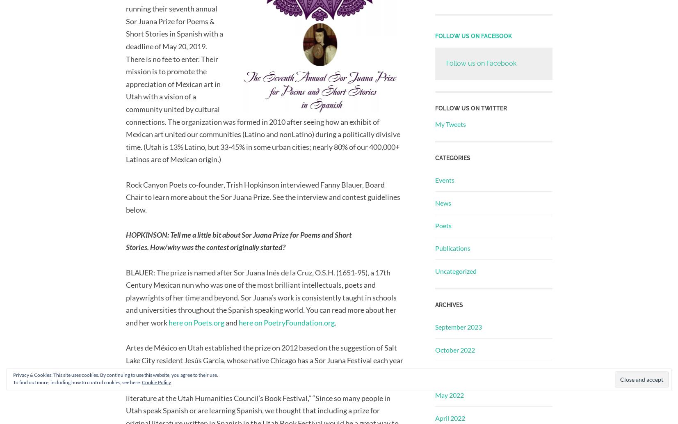  Describe the element at coordinates (13, 374) in the screenshot. I see `'Privacy & Cookies: This site uses cookies. By continuing to use this website, you agree to their use.'` at that location.